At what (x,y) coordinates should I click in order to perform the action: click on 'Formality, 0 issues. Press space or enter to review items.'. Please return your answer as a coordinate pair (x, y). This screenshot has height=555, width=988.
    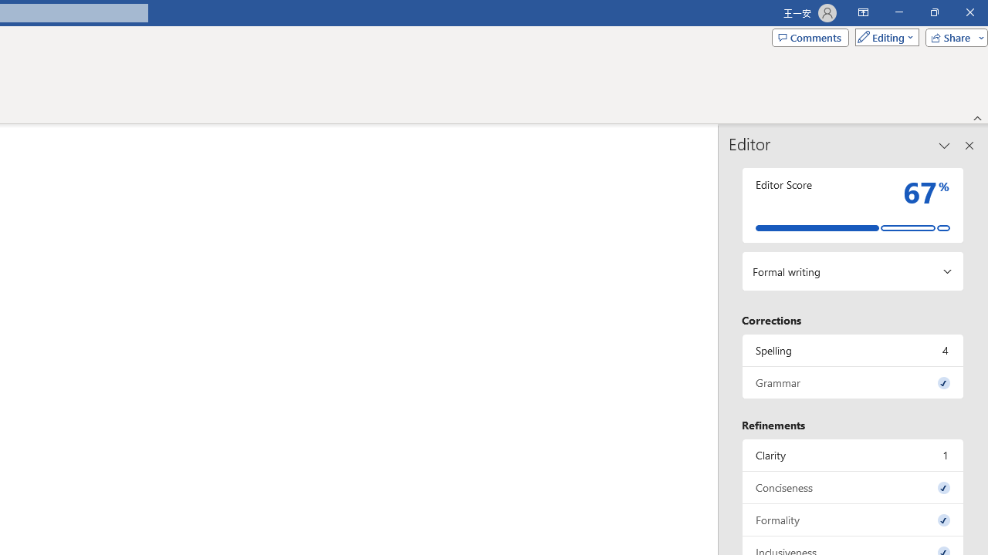
    Looking at the image, I should click on (852, 520).